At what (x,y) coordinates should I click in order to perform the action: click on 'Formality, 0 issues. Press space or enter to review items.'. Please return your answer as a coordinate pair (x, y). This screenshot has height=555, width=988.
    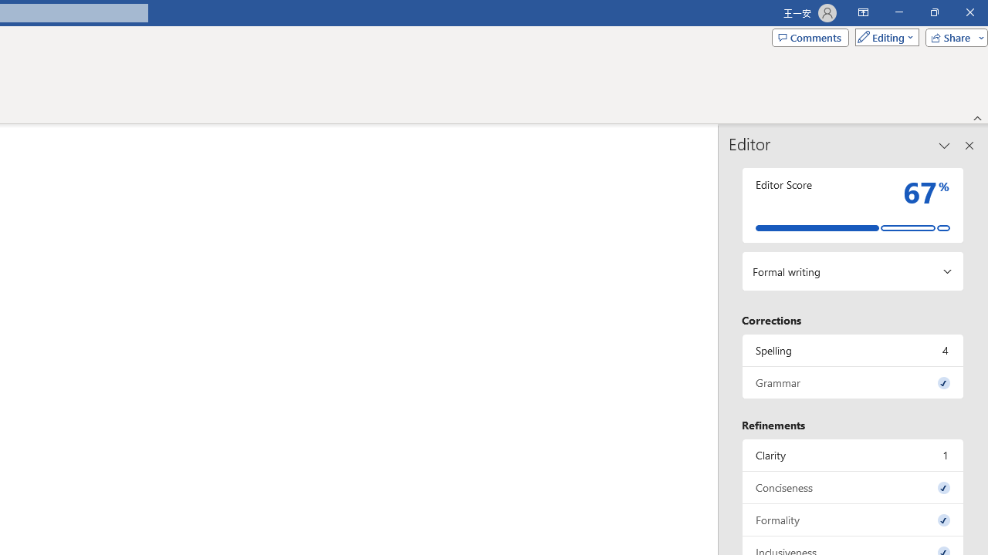
    Looking at the image, I should click on (852, 520).